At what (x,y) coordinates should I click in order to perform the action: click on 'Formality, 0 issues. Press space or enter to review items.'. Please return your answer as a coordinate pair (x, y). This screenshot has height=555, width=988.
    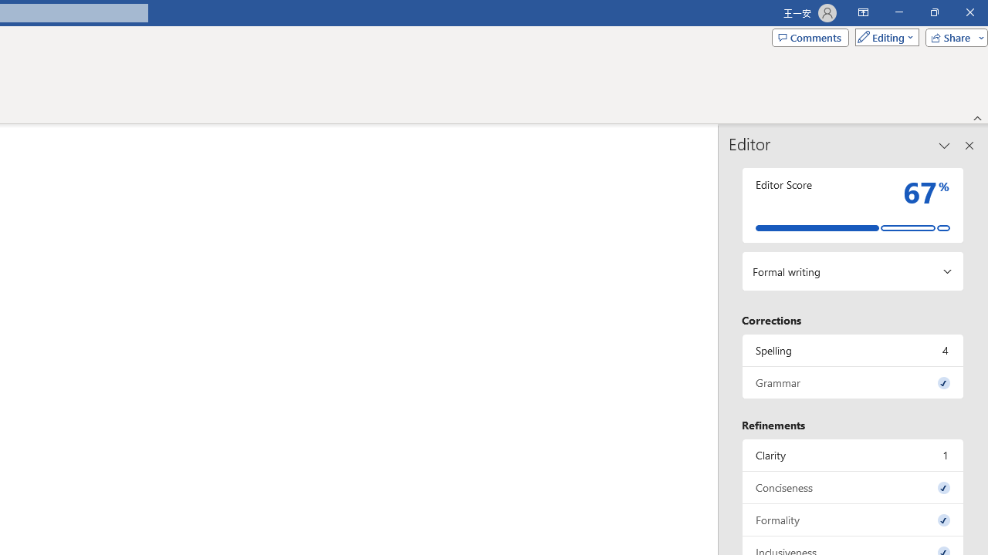
    Looking at the image, I should click on (852, 520).